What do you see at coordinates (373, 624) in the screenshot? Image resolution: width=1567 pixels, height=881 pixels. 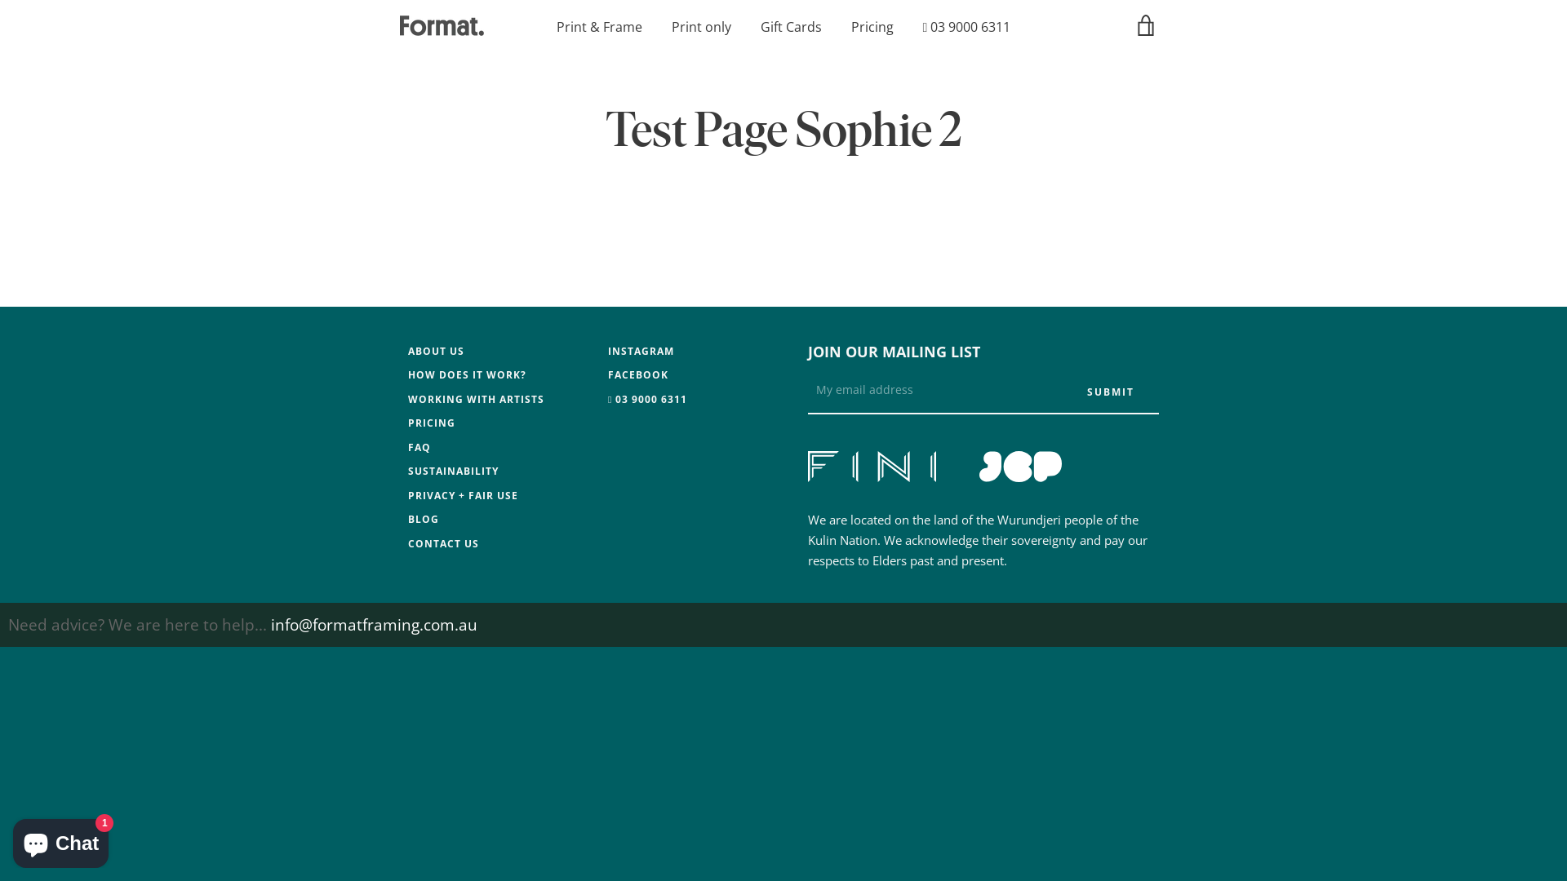 I see `'info@formatframing.com.au'` at bounding box center [373, 624].